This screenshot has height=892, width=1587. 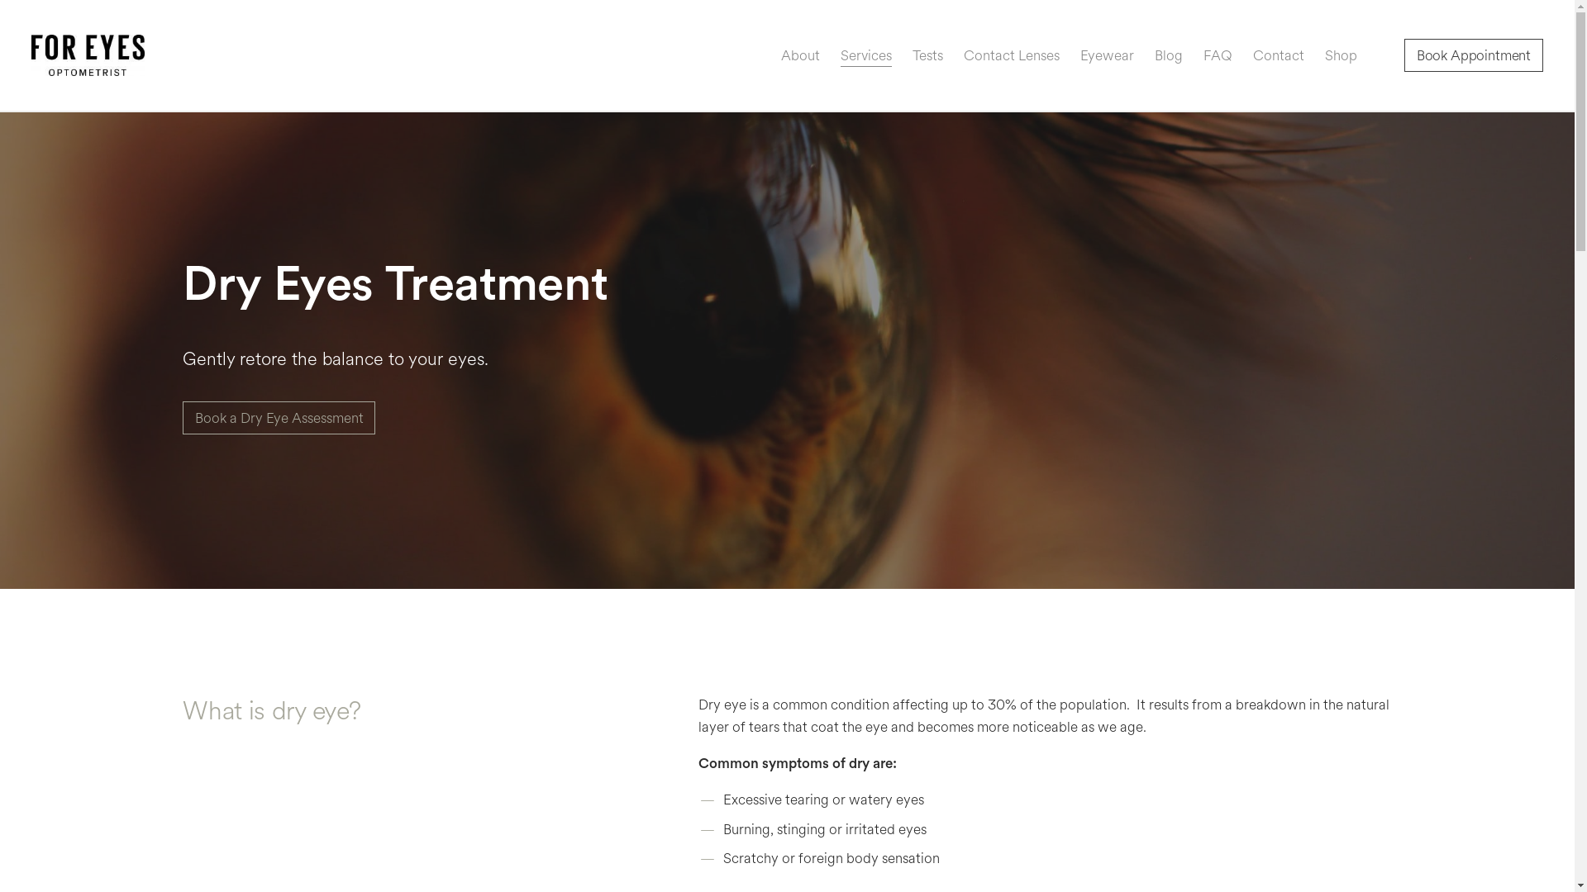 I want to click on 'FAQ', so click(x=1203, y=55).